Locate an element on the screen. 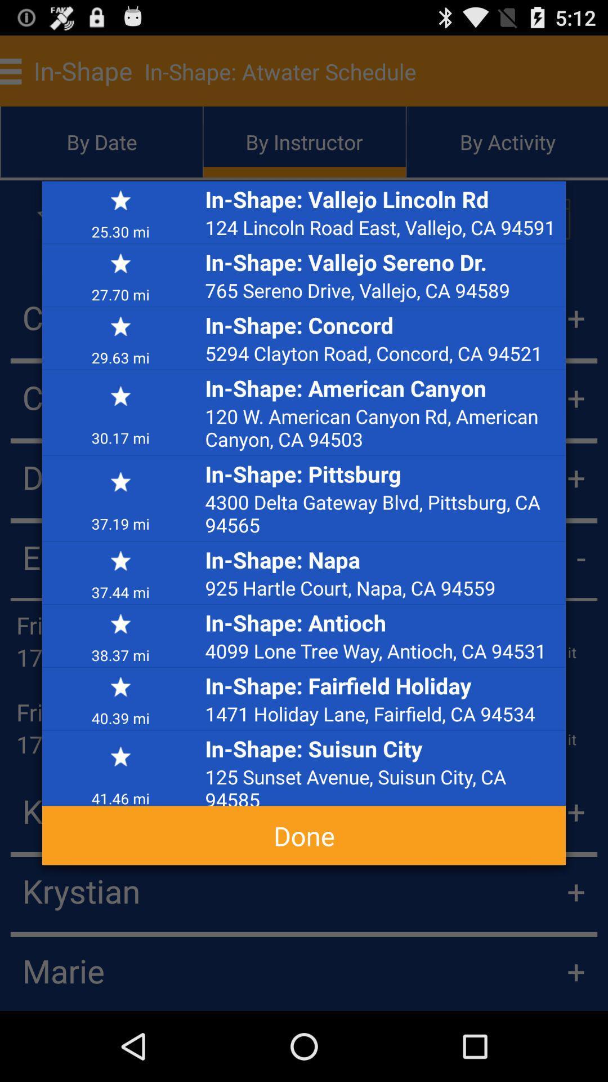 The width and height of the screenshot is (608, 1082). the icon below the in shape fairfield icon is located at coordinates (382, 713).